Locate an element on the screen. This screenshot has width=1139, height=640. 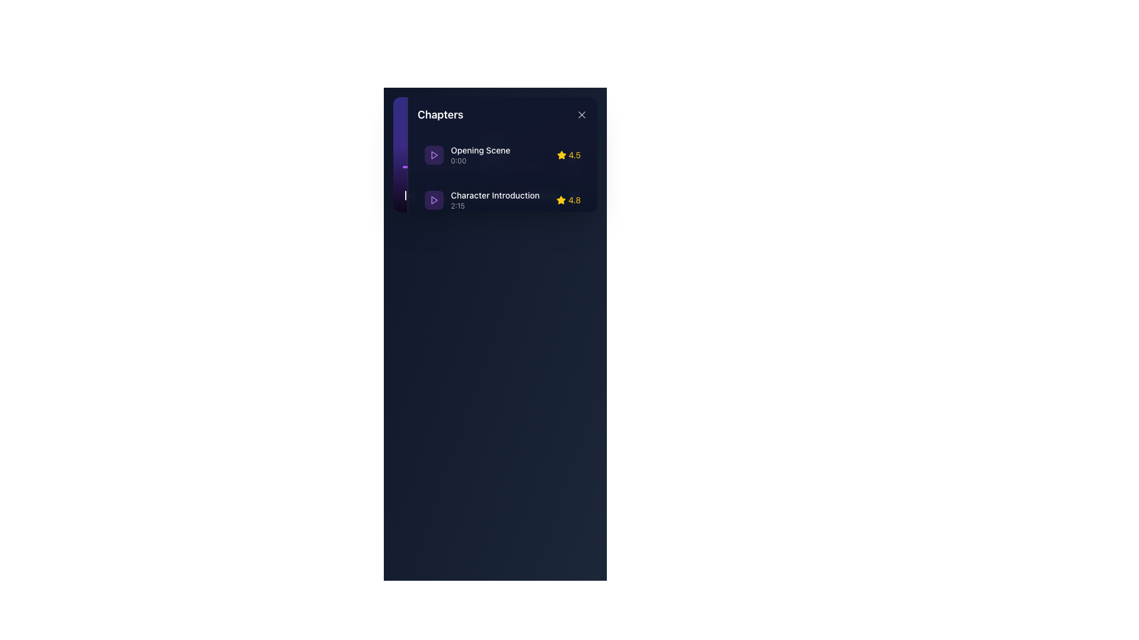
the close button located in the top-right corner of the 'Chapters' overlay section is located at coordinates (581, 114).